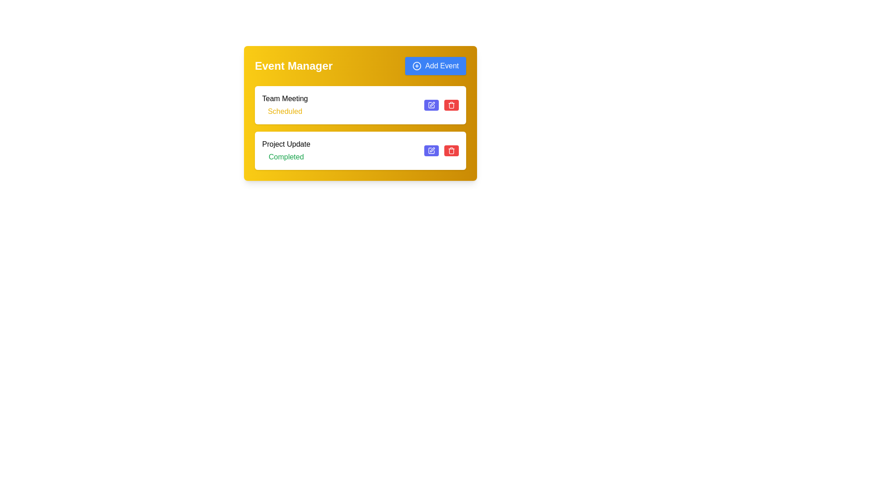  I want to click on the informational label displaying the project status as 'Completed', located below the 'Project Update' label in the second panel of the event manager interface, so click(285, 156).